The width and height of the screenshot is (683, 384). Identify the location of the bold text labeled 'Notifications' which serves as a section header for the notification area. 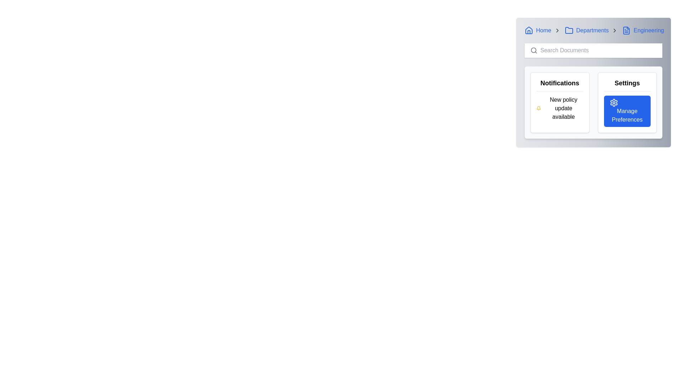
(559, 84).